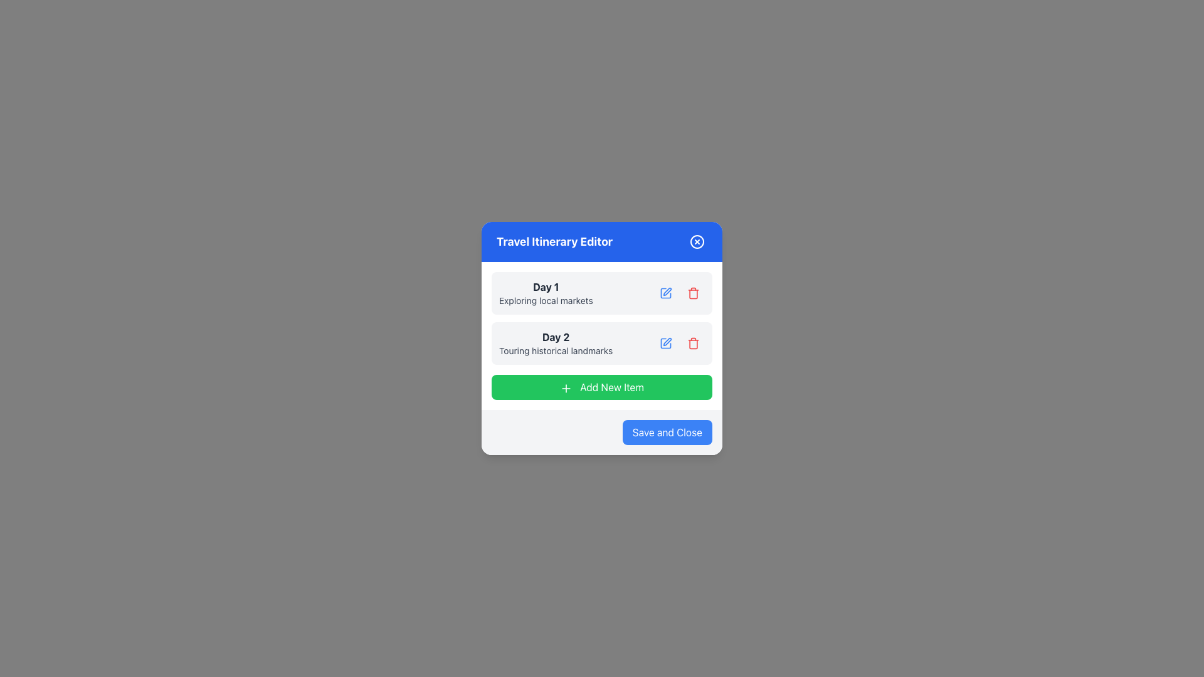  Describe the element at coordinates (665, 293) in the screenshot. I see `the rounded button with a light gray background and a blue pen icon located in the upper-right corner of the 'Day 1' item in the 'Travel Itinerary Editor'` at that location.